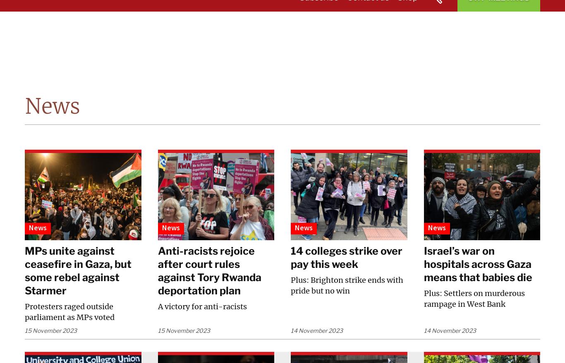  I want to click on 'Education for Socialists', so click(352, 108).